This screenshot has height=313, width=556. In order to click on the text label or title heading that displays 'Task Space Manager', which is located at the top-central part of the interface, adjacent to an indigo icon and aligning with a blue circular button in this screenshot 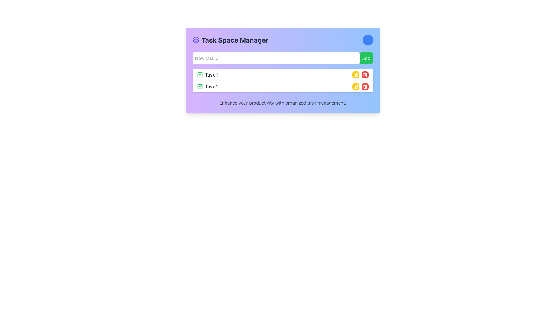, I will do `click(230, 40)`.